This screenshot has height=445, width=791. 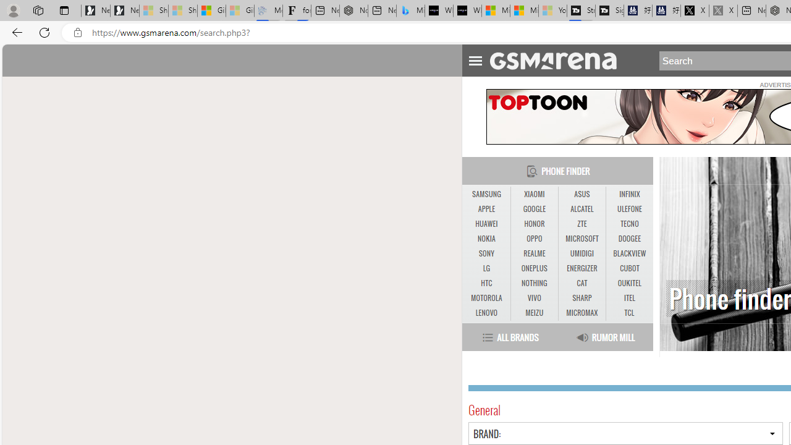 I want to click on 'SAMSUNG', so click(x=486, y=194).